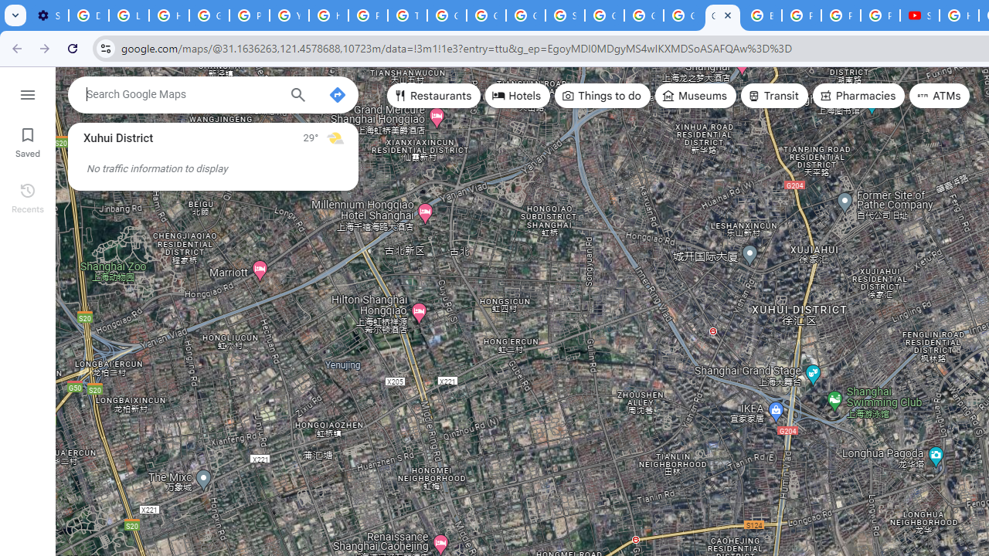 The width and height of the screenshot is (989, 556). I want to click on 'Directions', so click(336, 95).